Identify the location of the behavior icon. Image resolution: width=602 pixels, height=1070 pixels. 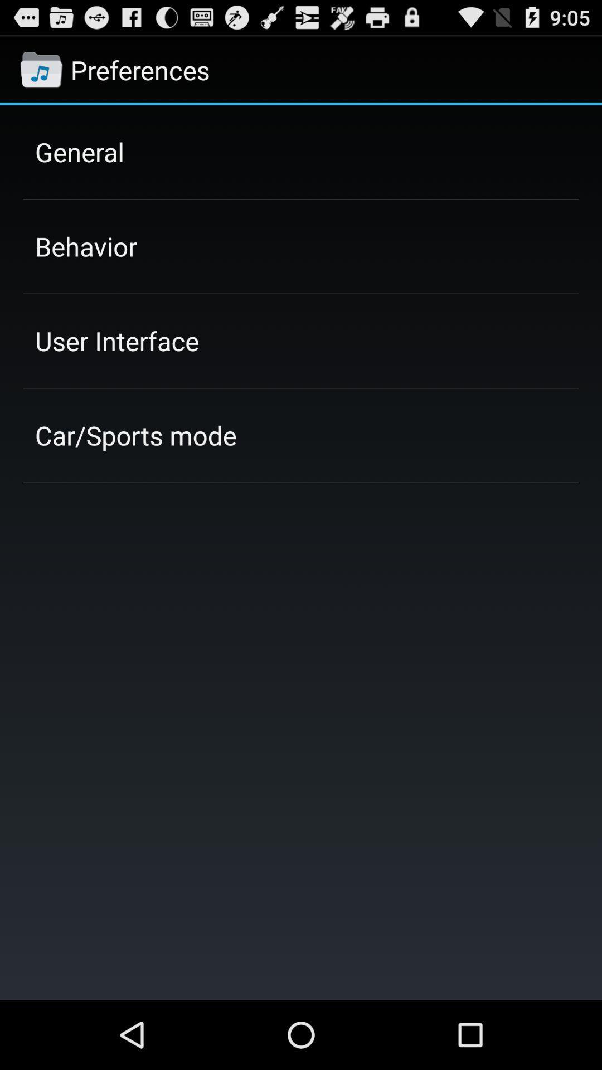
(85, 246).